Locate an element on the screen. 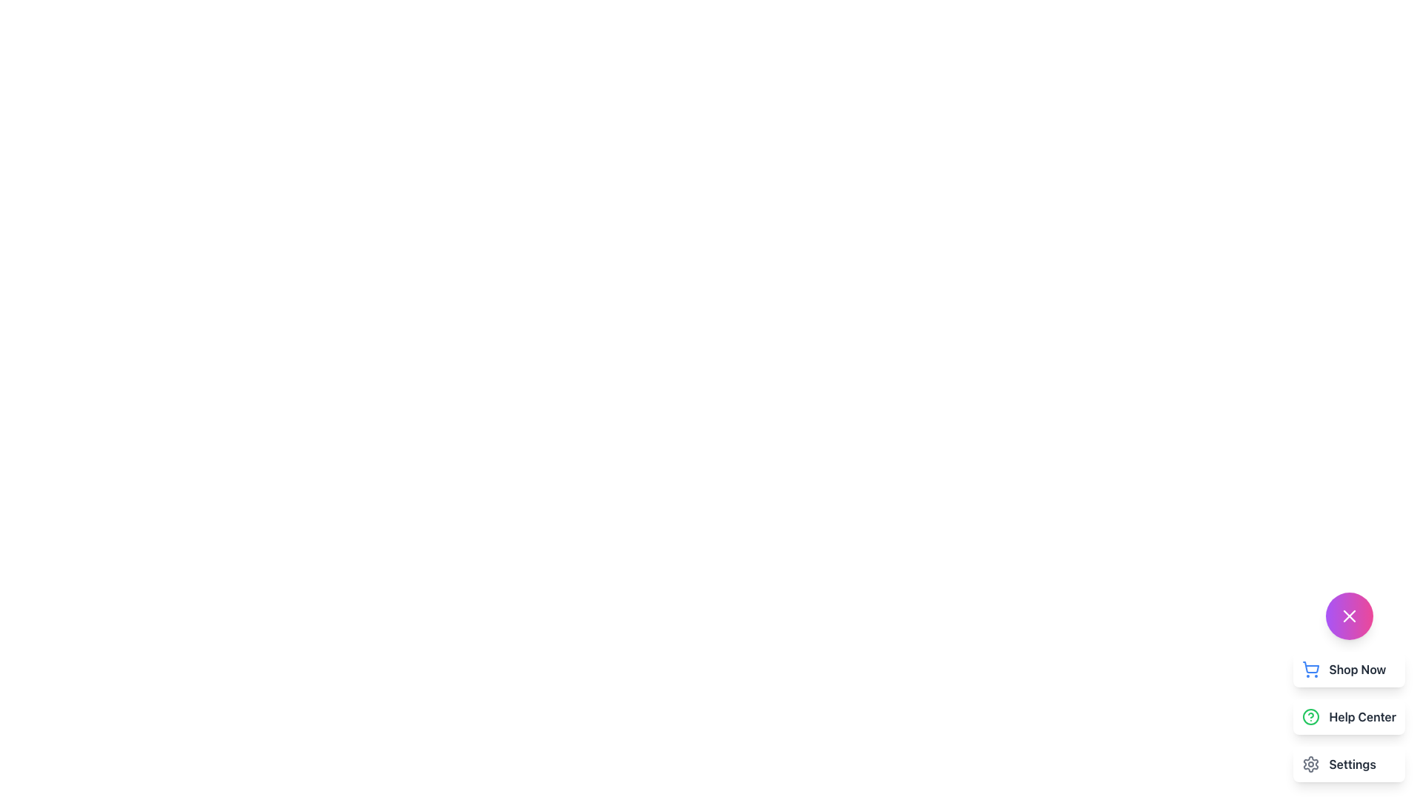 The width and height of the screenshot is (1423, 800). the 'Settings' button, which is a rectangular button with rounded corners, a white background, a cogwheel icon on the left, and bold gray text on the right is located at coordinates (1349, 764).